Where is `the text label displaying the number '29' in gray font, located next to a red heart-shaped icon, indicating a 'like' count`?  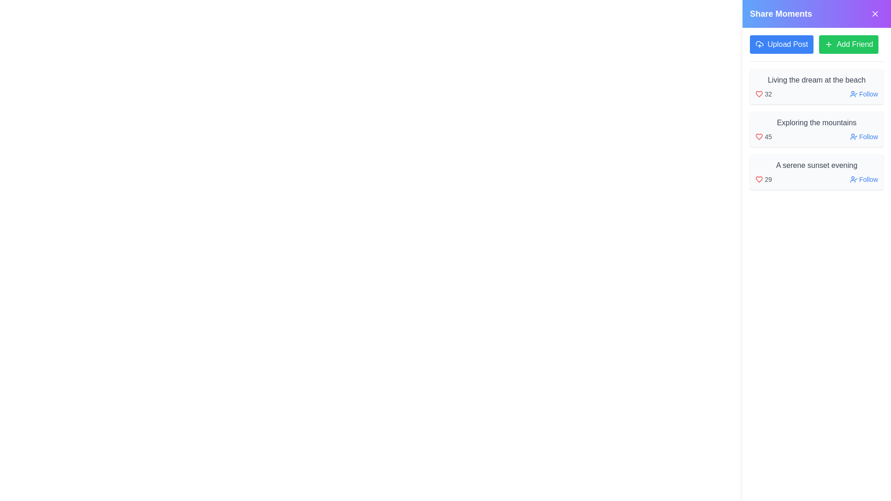
the text label displaying the number '29' in gray font, located next to a red heart-shaped icon, indicating a 'like' count is located at coordinates (763, 179).